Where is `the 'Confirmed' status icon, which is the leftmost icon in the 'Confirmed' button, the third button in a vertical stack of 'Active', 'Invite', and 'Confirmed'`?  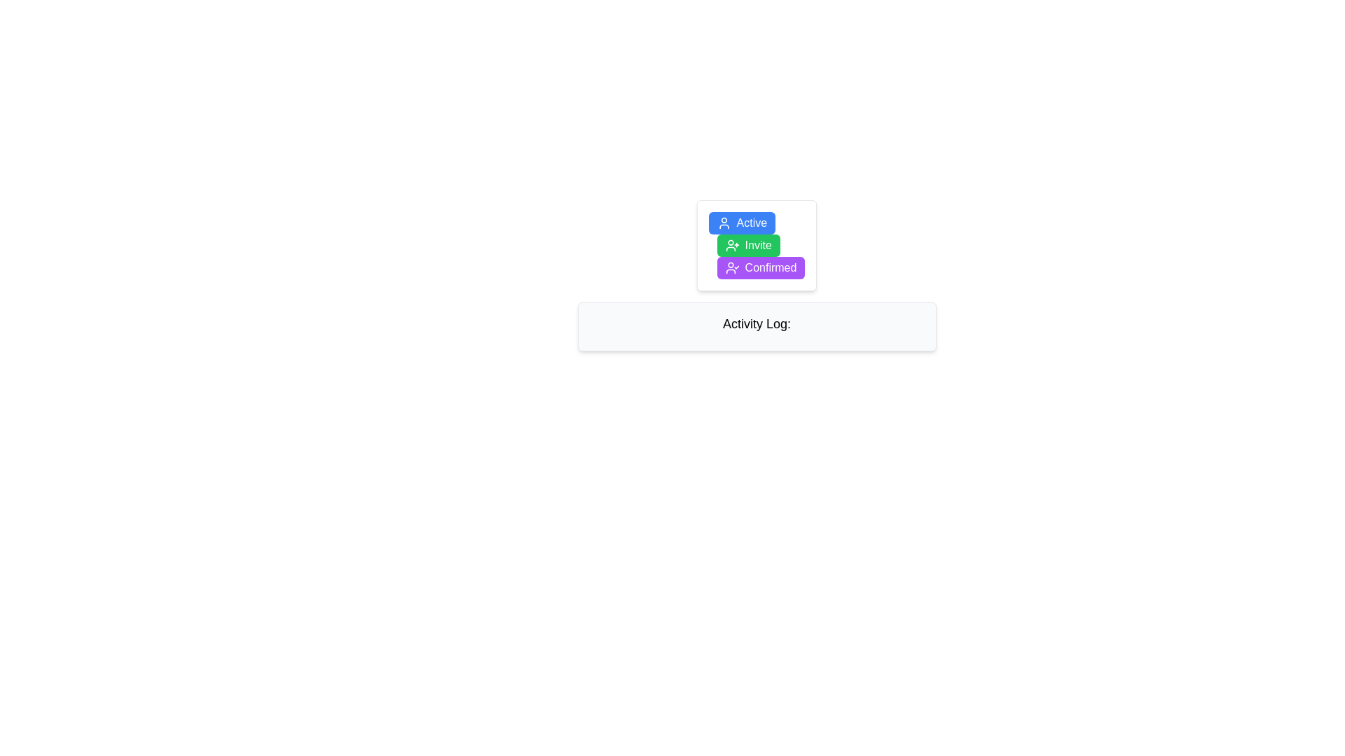 the 'Confirmed' status icon, which is the leftmost icon in the 'Confirmed' button, the third button in a vertical stack of 'Active', 'Invite', and 'Confirmed' is located at coordinates (731, 267).